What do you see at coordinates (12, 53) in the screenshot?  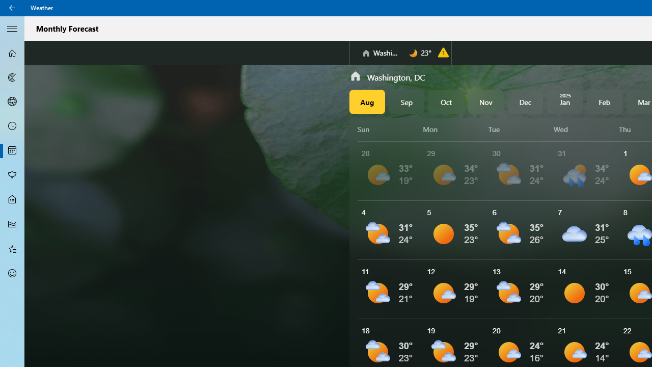 I see `'Forecast - Not Selected'` at bounding box center [12, 53].